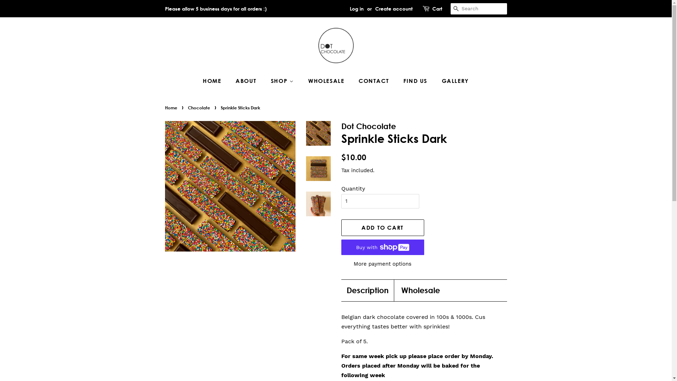 The width and height of the screenshot is (677, 381). What do you see at coordinates (283, 80) in the screenshot?
I see `'SHOP'` at bounding box center [283, 80].